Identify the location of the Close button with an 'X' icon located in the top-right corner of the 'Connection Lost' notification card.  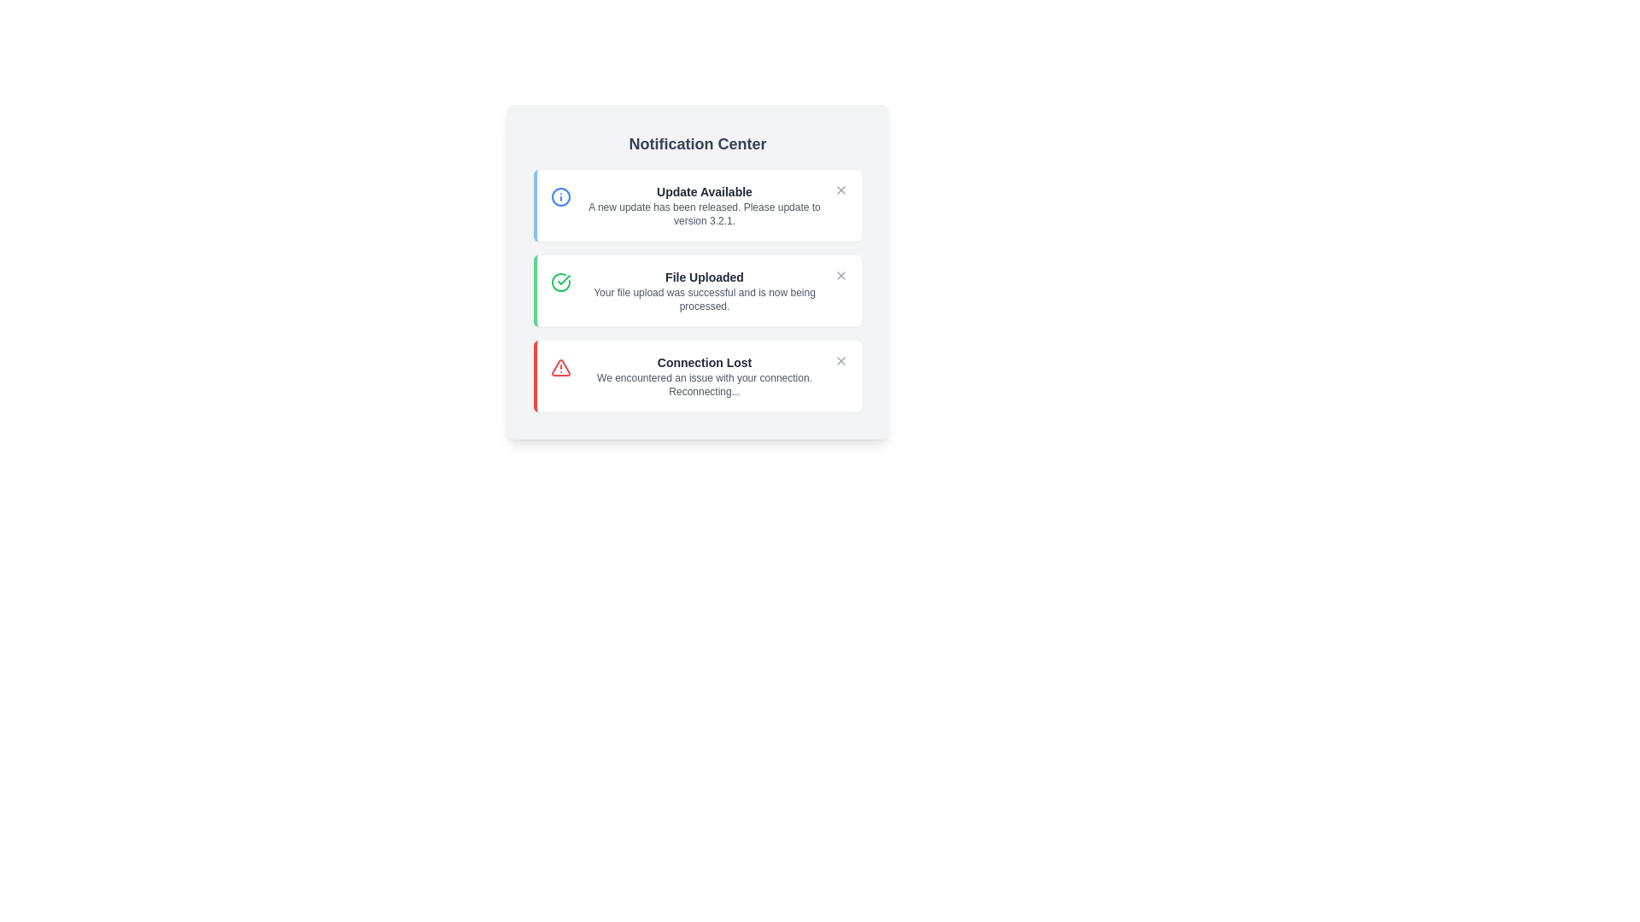
(840, 360).